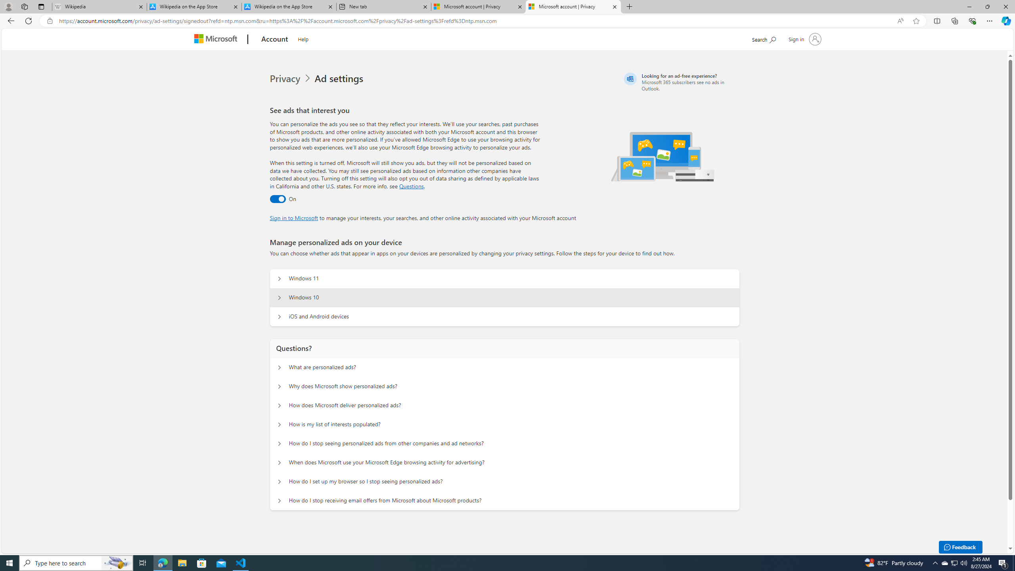 The image size is (1015, 571). Describe the element at coordinates (614, 6) in the screenshot. I see `'Close tab'` at that location.